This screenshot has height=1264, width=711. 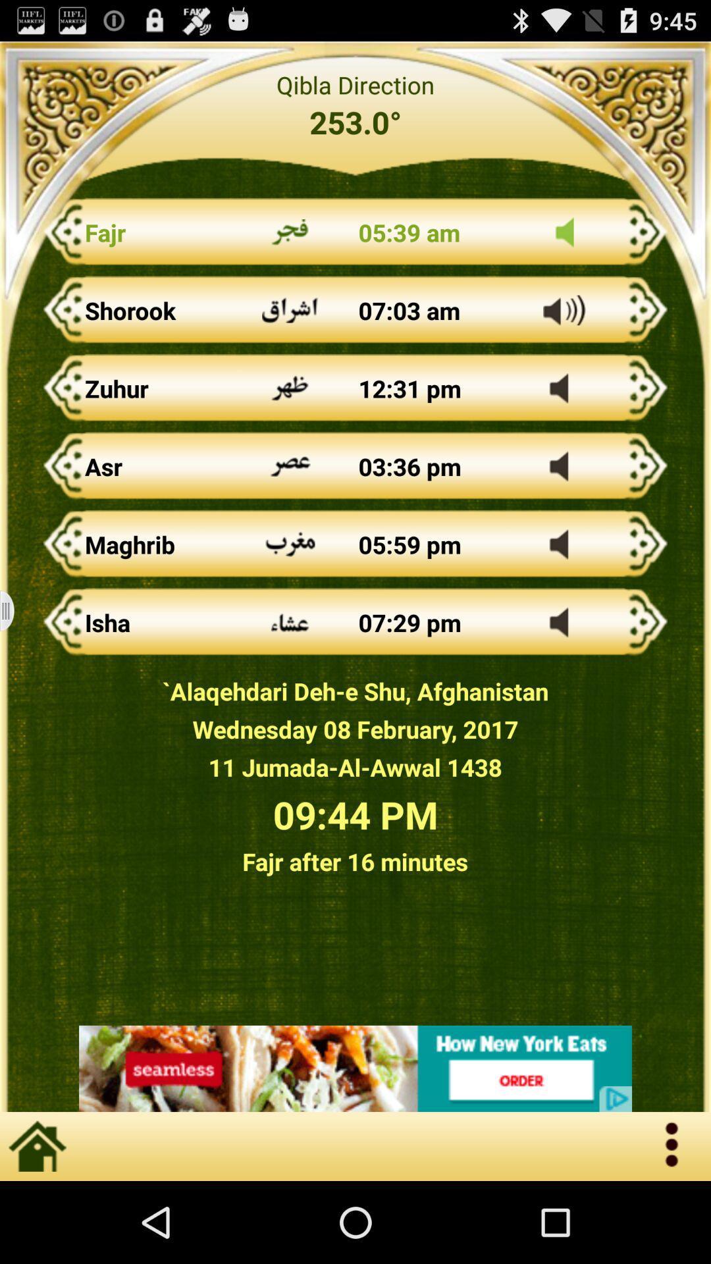 What do you see at coordinates (15, 610) in the screenshot?
I see `side navigation menu` at bounding box center [15, 610].